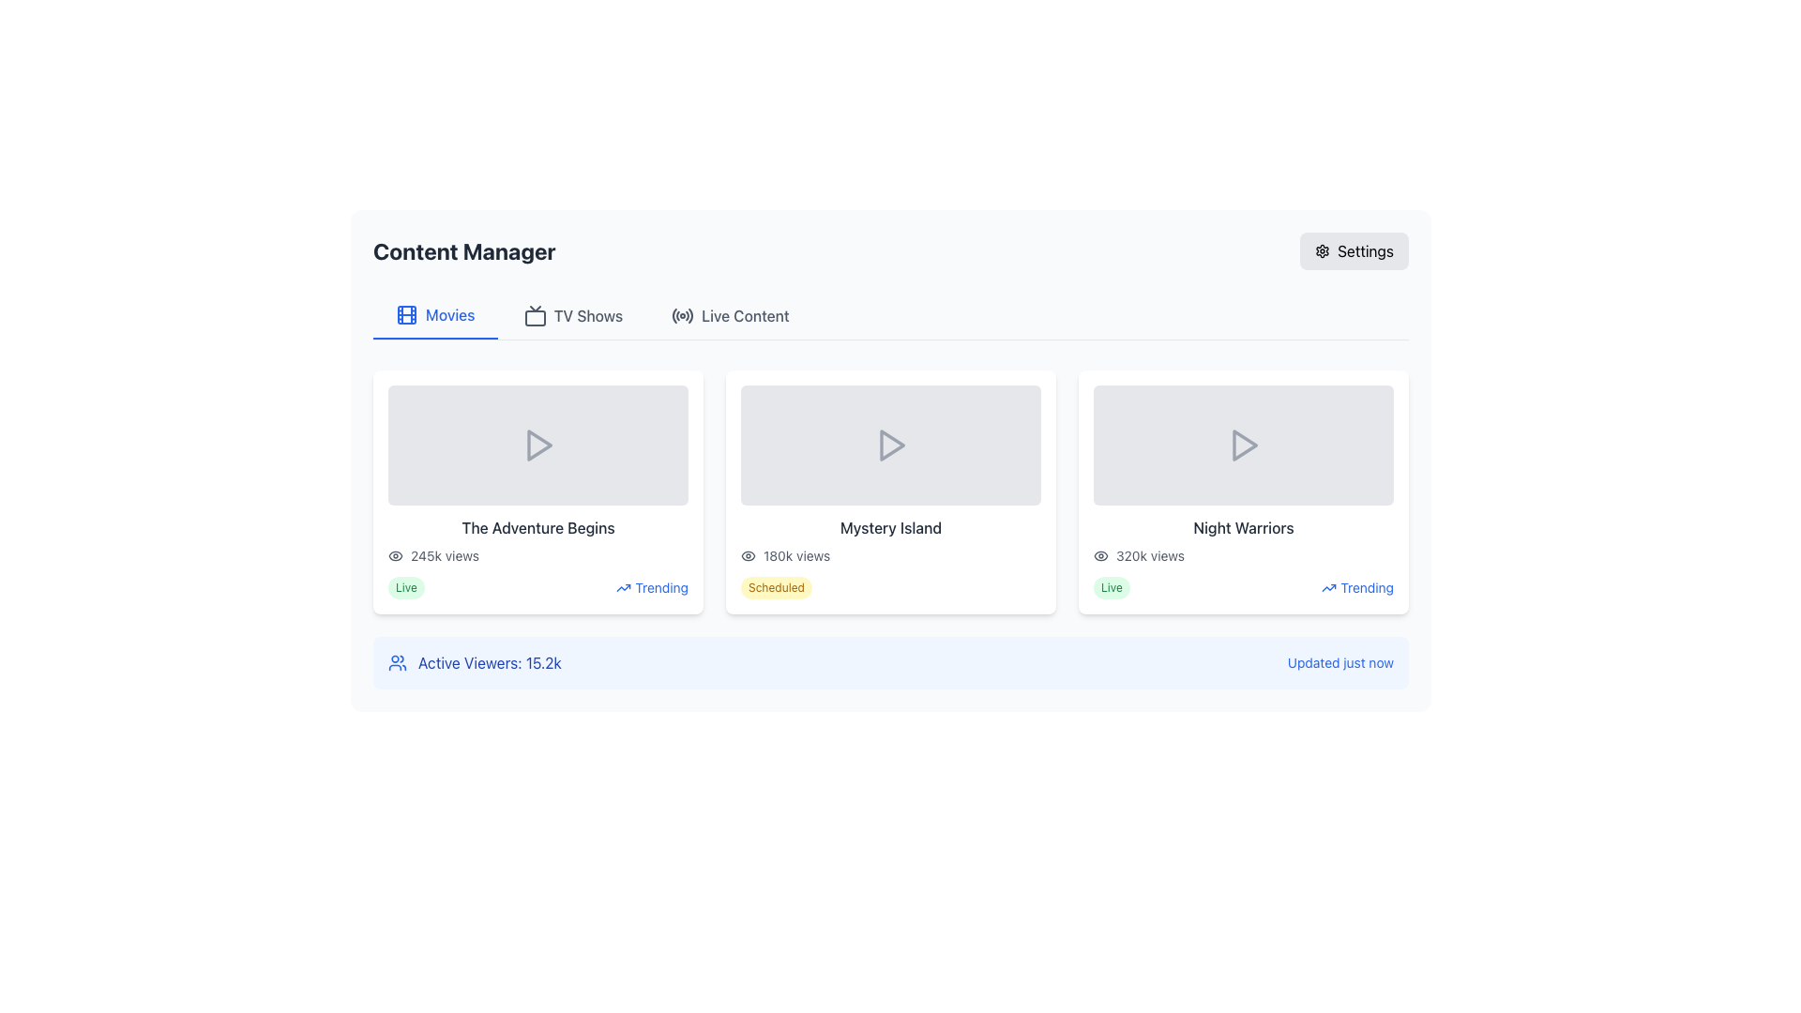  What do you see at coordinates (434, 314) in the screenshot?
I see `the 'Movies' button in the navigation row located below the 'Content Manager' heading` at bounding box center [434, 314].